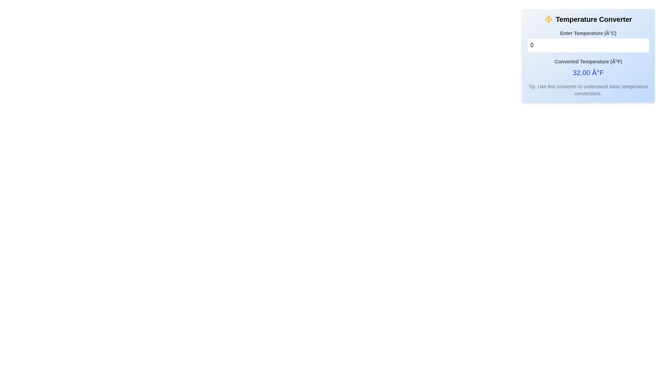 The height and width of the screenshot is (374, 666). Describe the element at coordinates (594, 19) in the screenshot. I see `the text label that serves as the title for the temperature conversion tool, located at the top of the blue box and aligned to the right of the yellow lightning icon` at that location.